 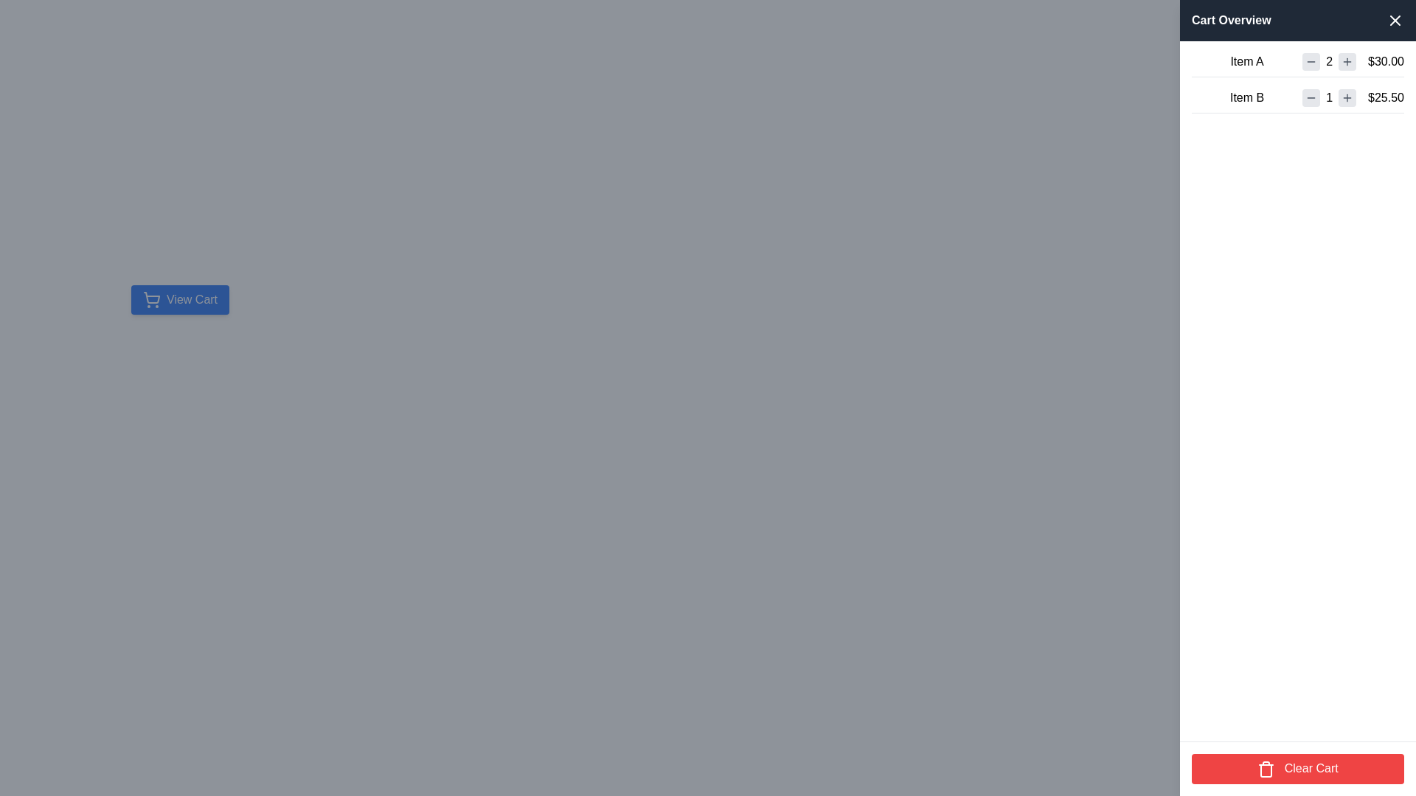 What do you see at coordinates (1311, 97) in the screenshot?
I see `the Decrement Button located in the cart overview panel for 'Item B' to reduce the quantity of the item by one` at bounding box center [1311, 97].